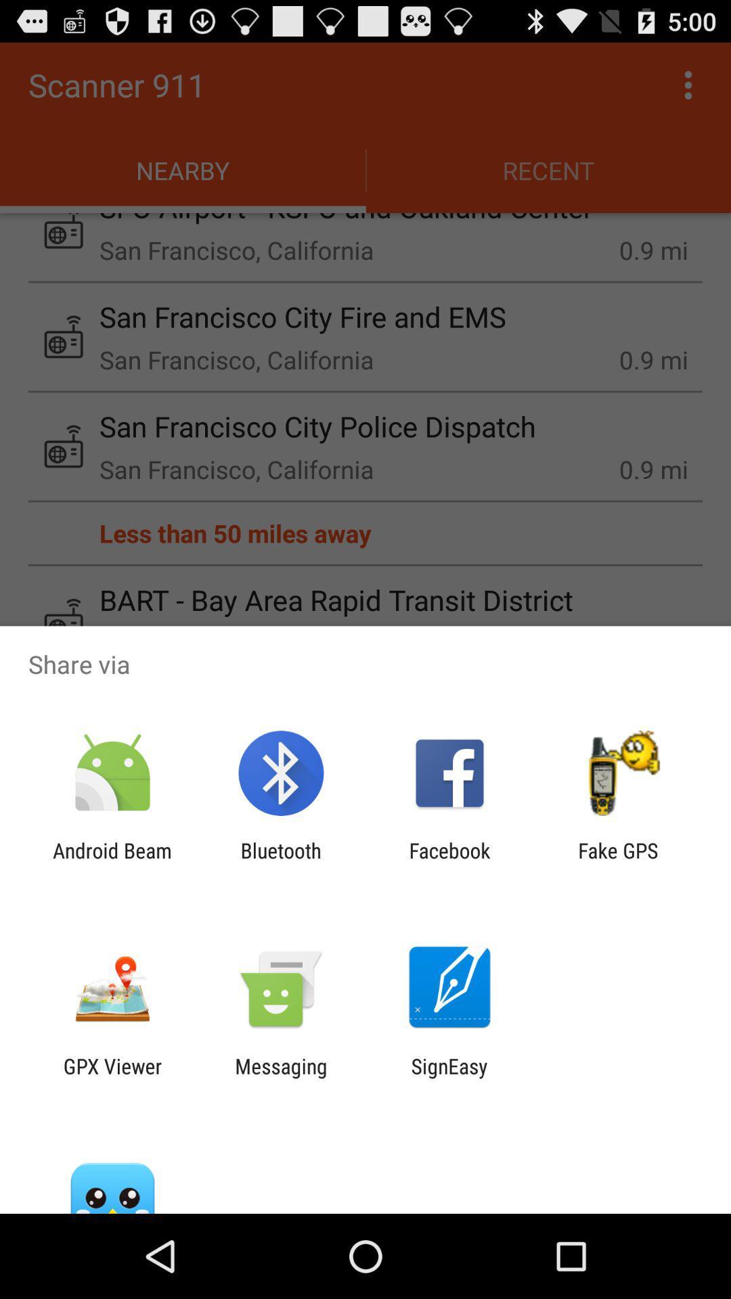  I want to click on the icon next to the facebook icon, so click(618, 862).